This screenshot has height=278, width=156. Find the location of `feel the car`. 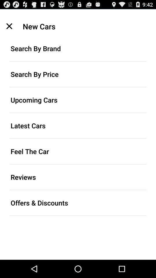

feel the car is located at coordinates (78, 151).